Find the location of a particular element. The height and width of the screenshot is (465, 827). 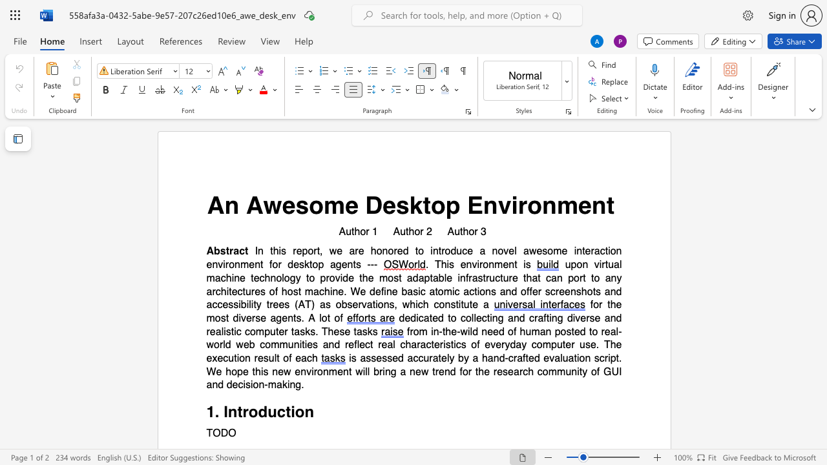

the space between the continuous character "i" and "o" in the text is located at coordinates (295, 412).